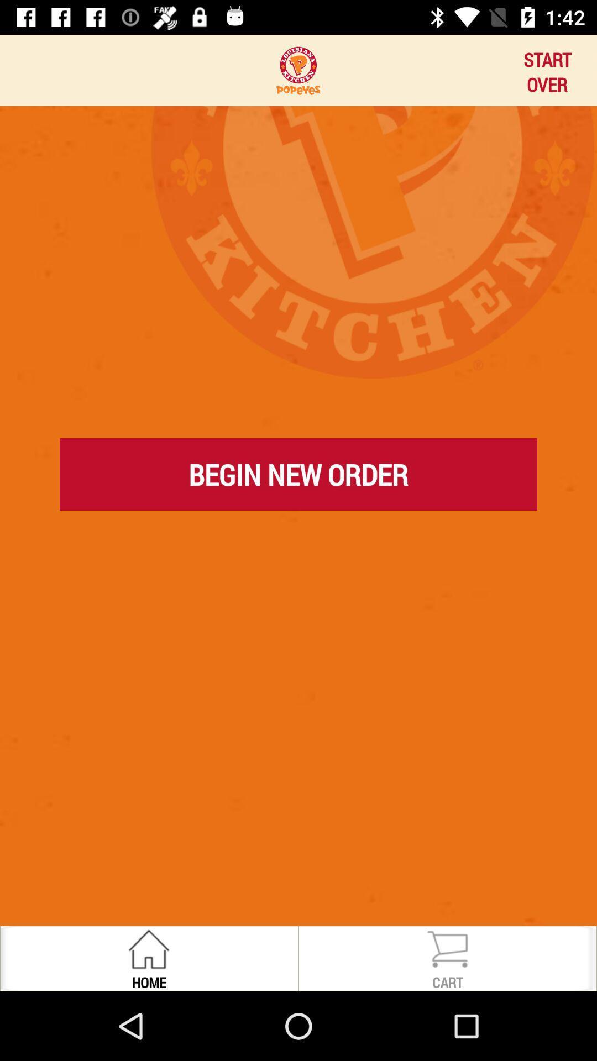 Image resolution: width=597 pixels, height=1061 pixels. I want to click on icon at the top right corner, so click(547, 70).